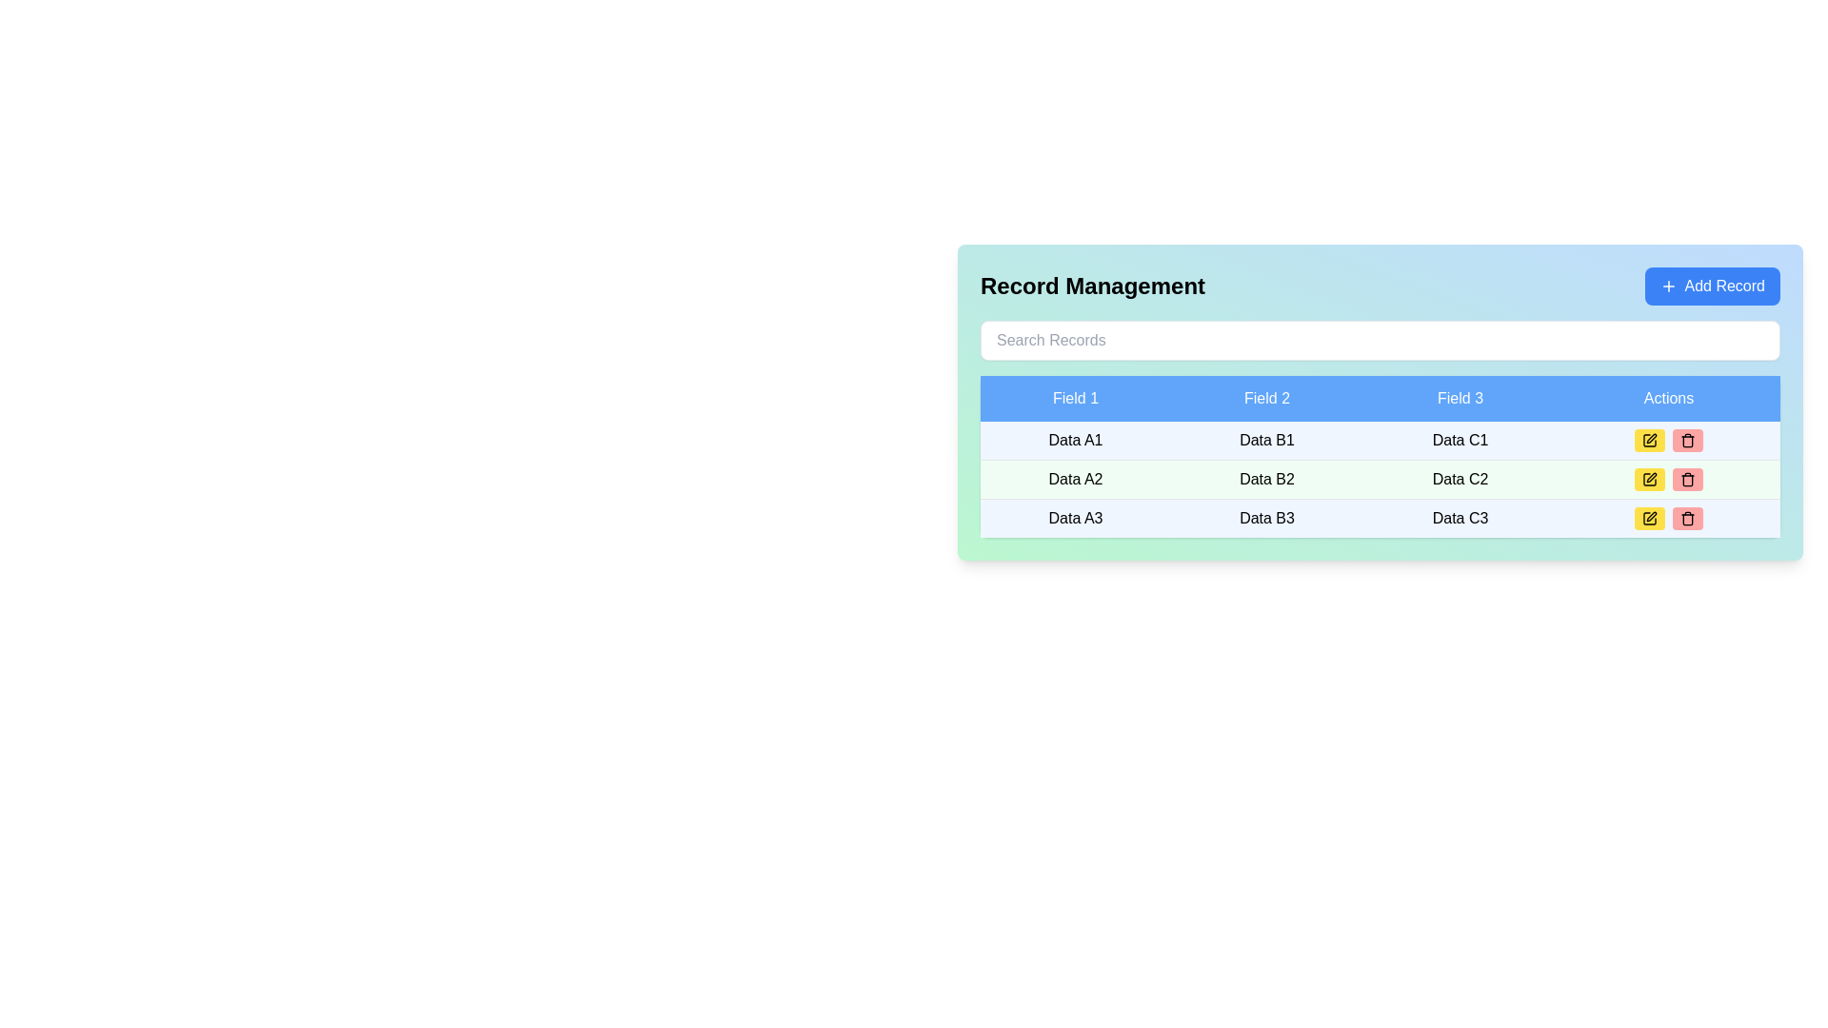  What do you see at coordinates (1648, 518) in the screenshot?
I see `the edit button in the 'Actions' column of the last row in the table to initiate editing functionality for that row` at bounding box center [1648, 518].